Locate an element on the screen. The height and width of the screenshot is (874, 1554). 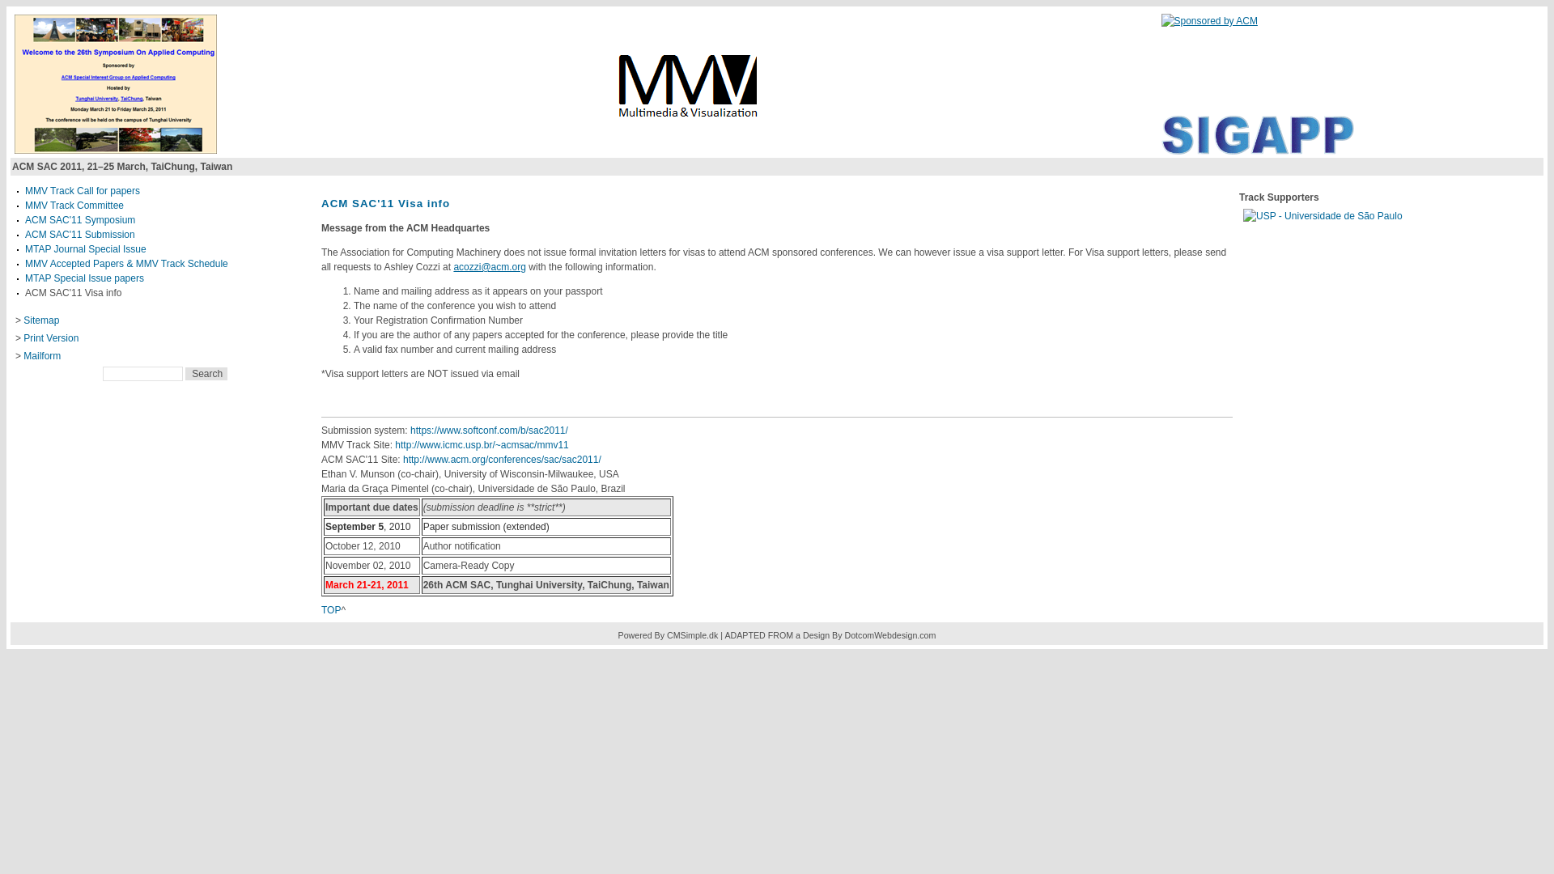
'ACM SAC'11 Symposium' is located at coordinates (79, 220).